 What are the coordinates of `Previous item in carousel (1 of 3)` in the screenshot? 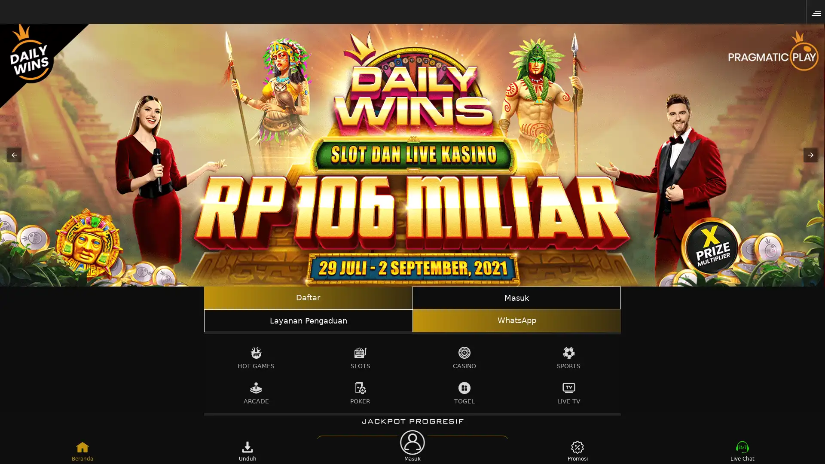 It's located at (14, 154).